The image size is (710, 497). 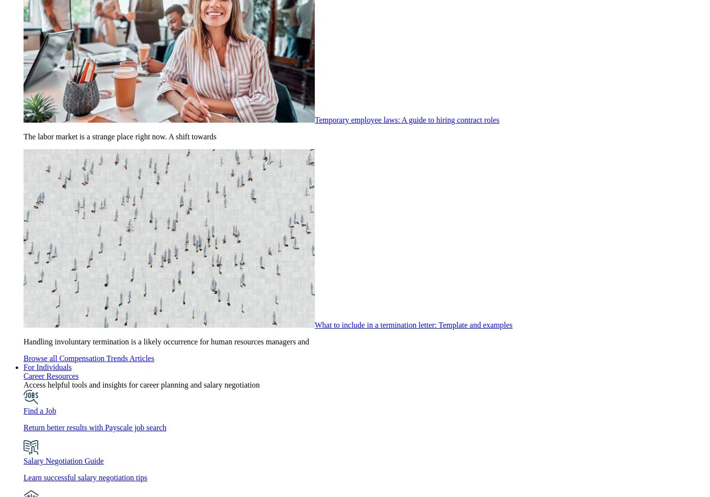 What do you see at coordinates (23, 358) in the screenshot?
I see `'Browse all Compensation Trends Articles'` at bounding box center [23, 358].